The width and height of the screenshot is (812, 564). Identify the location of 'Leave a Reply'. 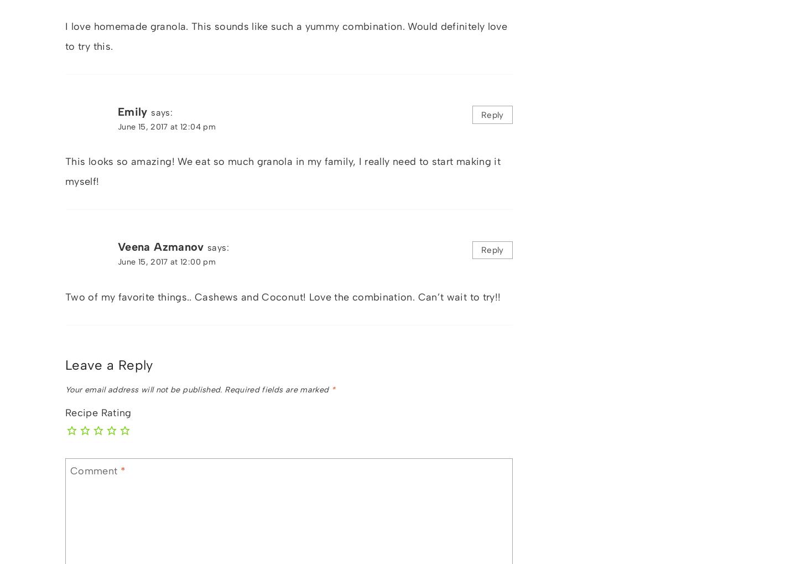
(109, 364).